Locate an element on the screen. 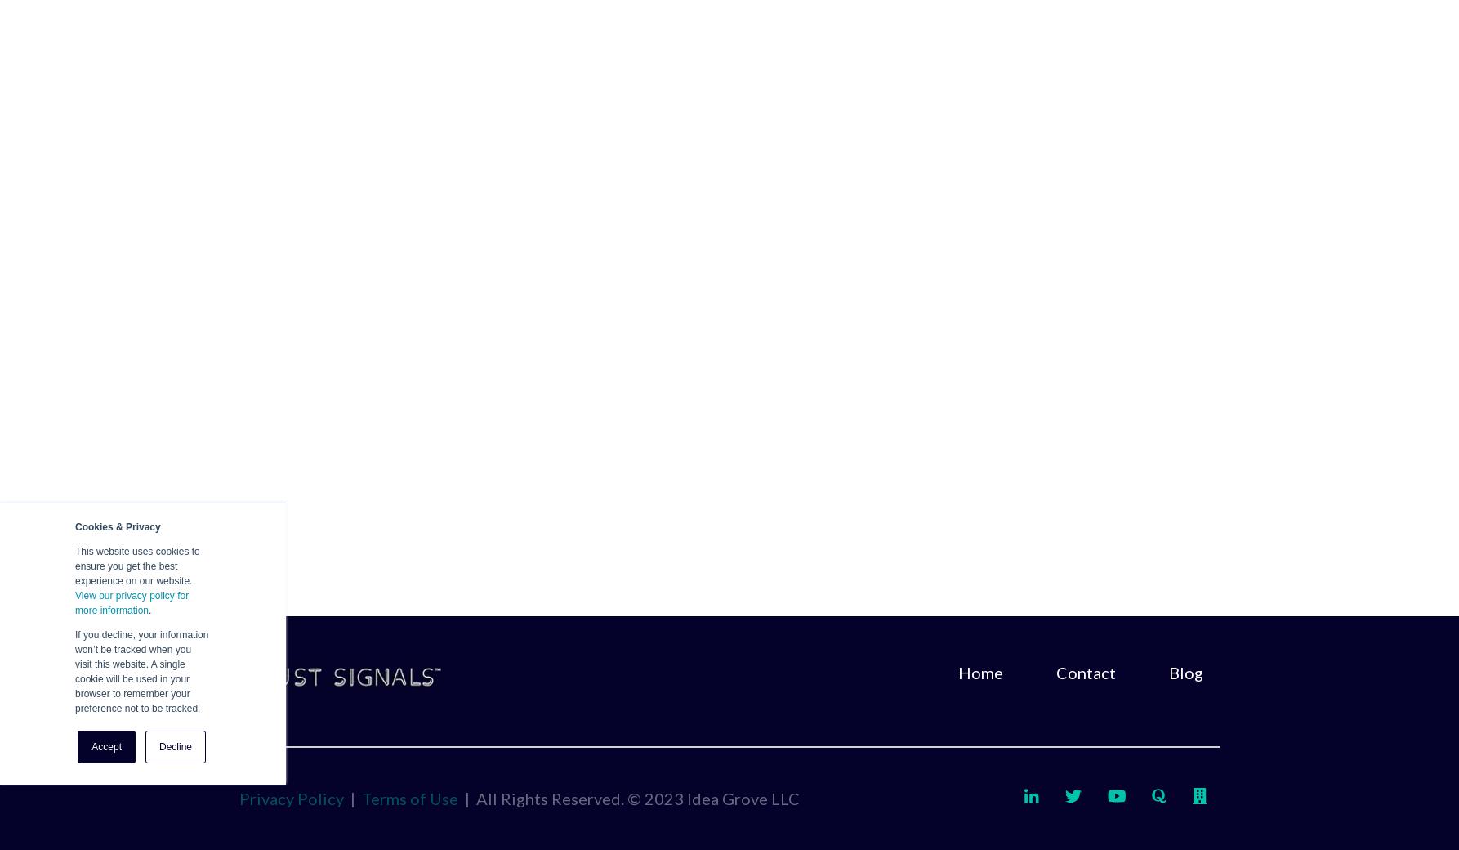 The height and width of the screenshot is (850, 1459). 'Accept' is located at coordinates (106, 746).